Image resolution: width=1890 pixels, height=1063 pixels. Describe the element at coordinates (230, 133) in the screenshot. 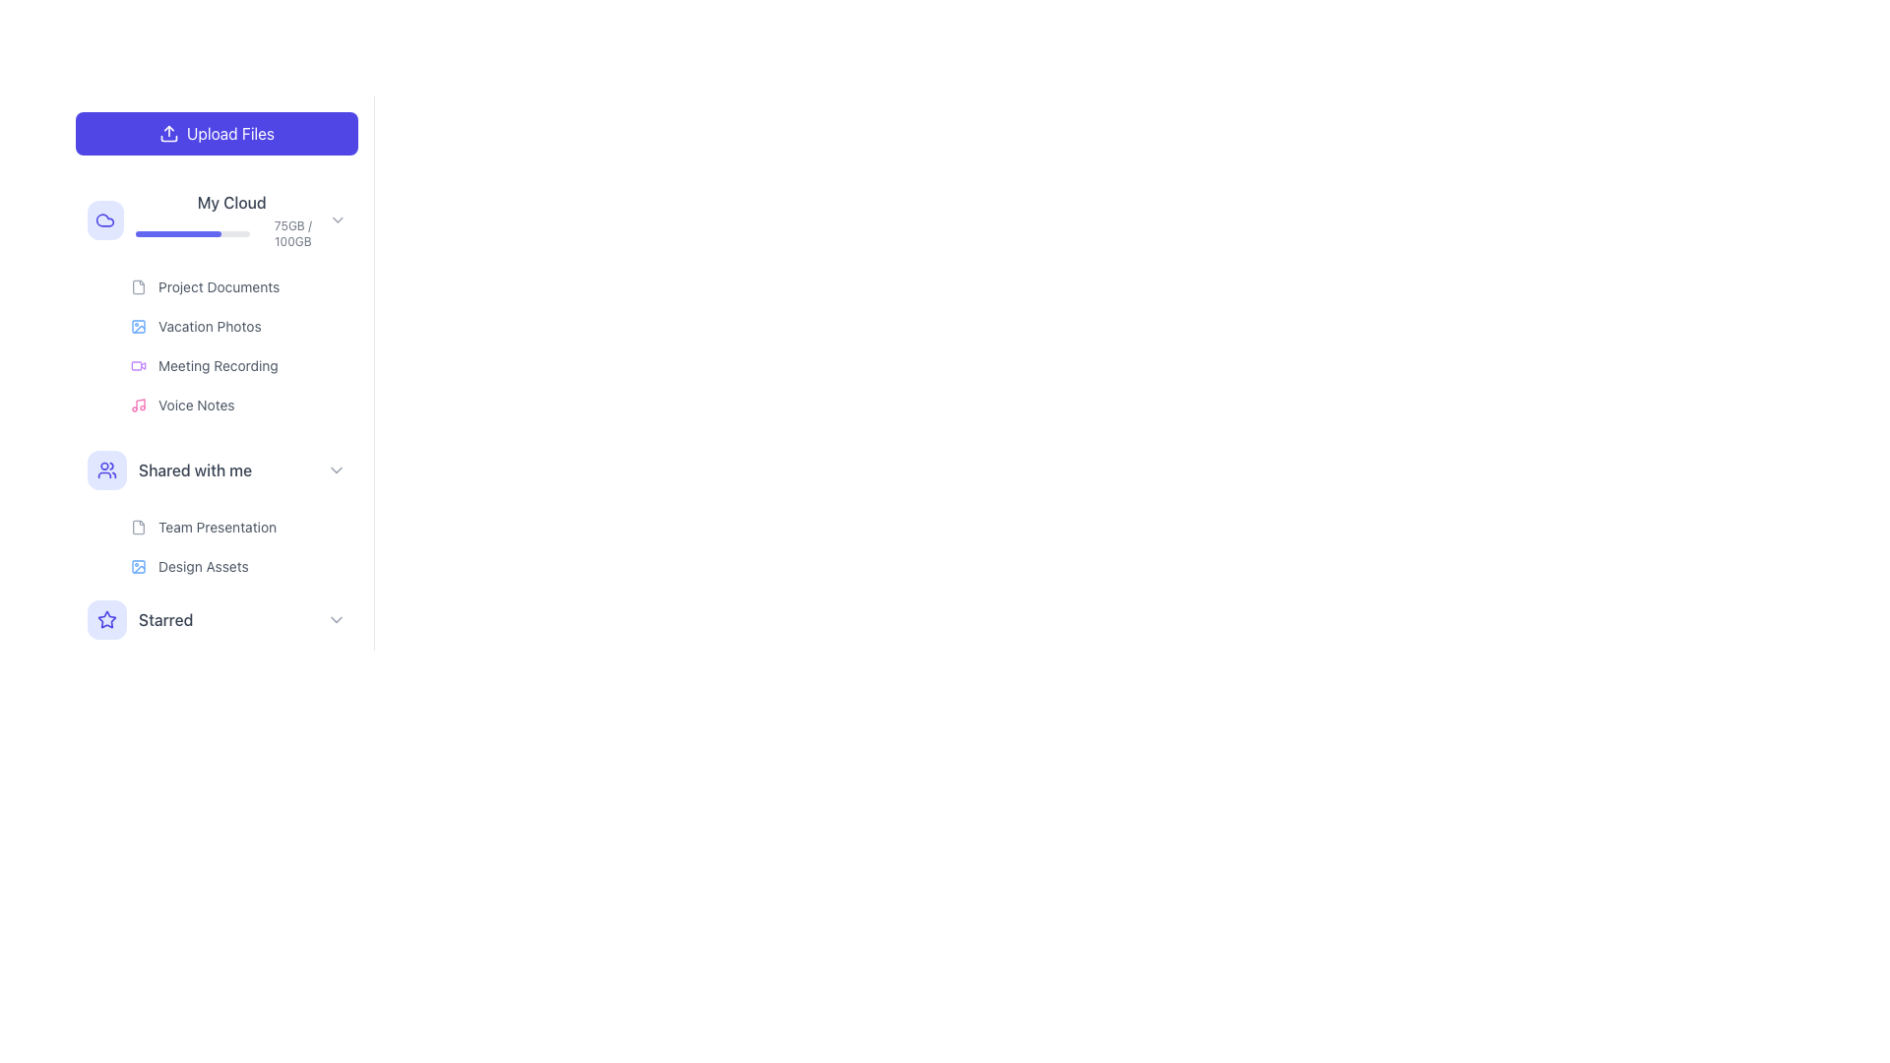

I see `the 'Upload Files' button, which features white text on a bold indigo background and is located near the top left side of the interface` at that location.